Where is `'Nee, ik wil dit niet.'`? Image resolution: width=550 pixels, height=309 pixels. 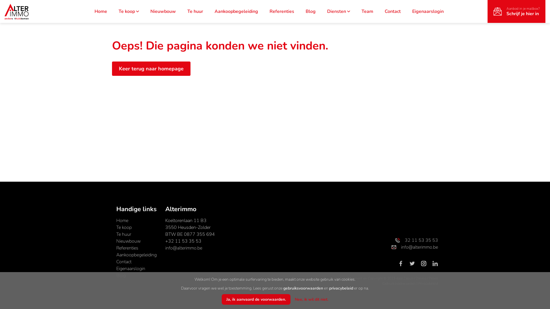
'Nee, ik wil dit niet.' is located at coordinates (311, 299).